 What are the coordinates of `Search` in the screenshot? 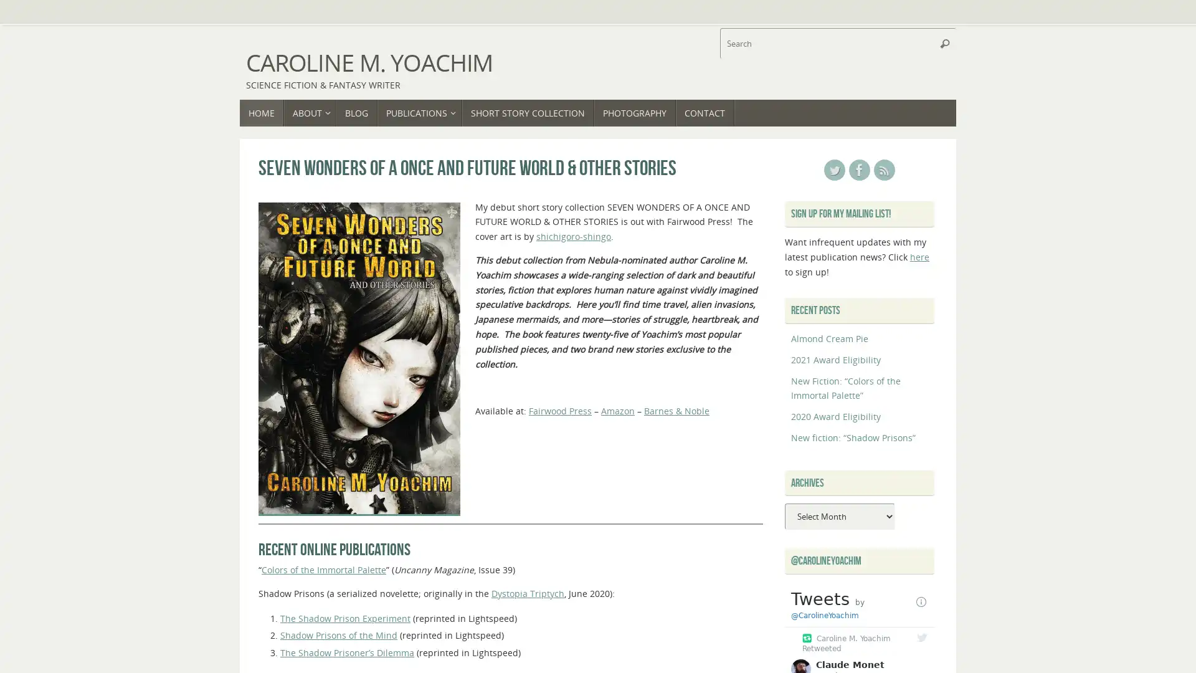 It's located at (944, 42).